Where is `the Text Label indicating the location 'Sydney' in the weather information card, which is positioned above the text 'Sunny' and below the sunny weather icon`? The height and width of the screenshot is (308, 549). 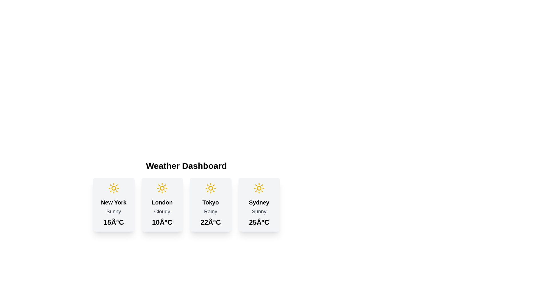
the Text Label indicating the location 'Sydney' in the weather information card, which is positioned above the text 'Sunny' and below the sunny weather icon is located at coordinates (259, 202).